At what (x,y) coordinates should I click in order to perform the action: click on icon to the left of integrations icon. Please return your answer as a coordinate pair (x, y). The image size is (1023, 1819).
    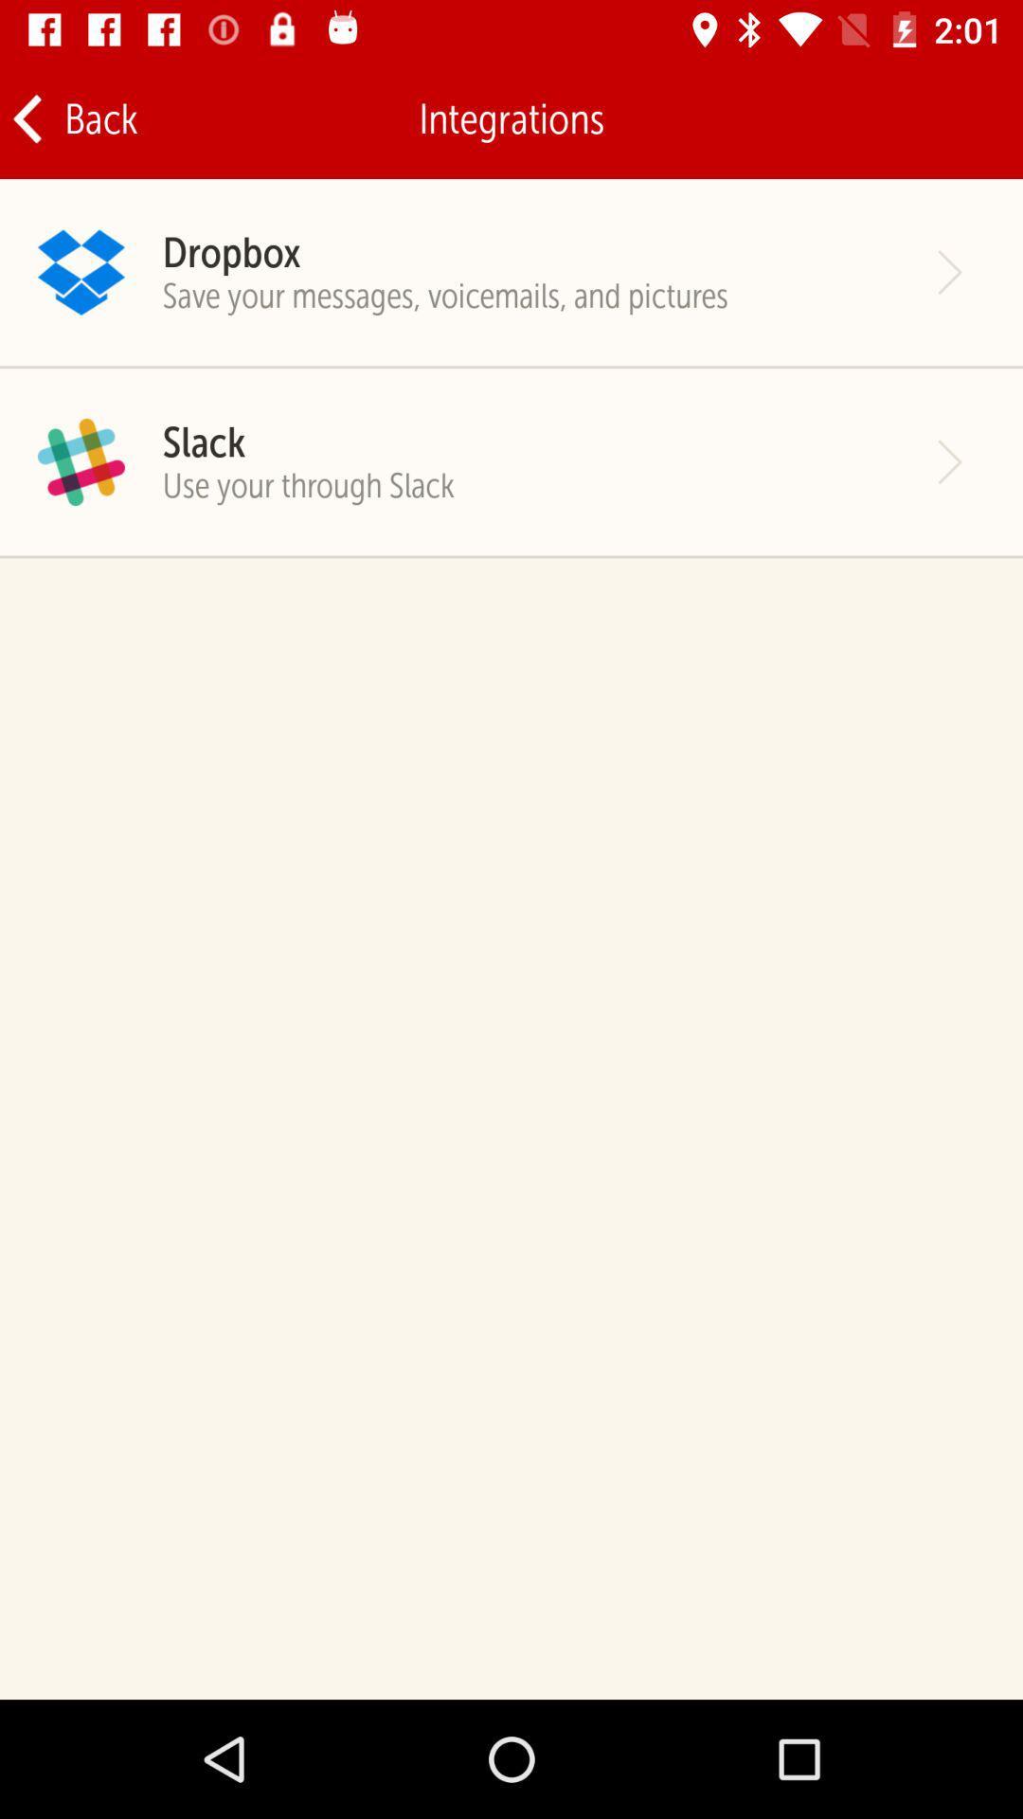
    Looking at the image, I should click on (73, 117).